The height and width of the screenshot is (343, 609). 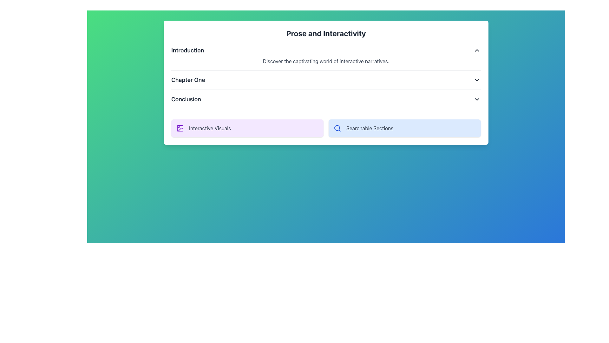 What do you see at coordinates (188, 79) in the screenshot?
I see `the text label reading 'Chapter One', which is styled in a large, bold font and positioned prominently on a panel with a white background and a greenish-blue gradient backdrop` at bounding box center [188, 79].